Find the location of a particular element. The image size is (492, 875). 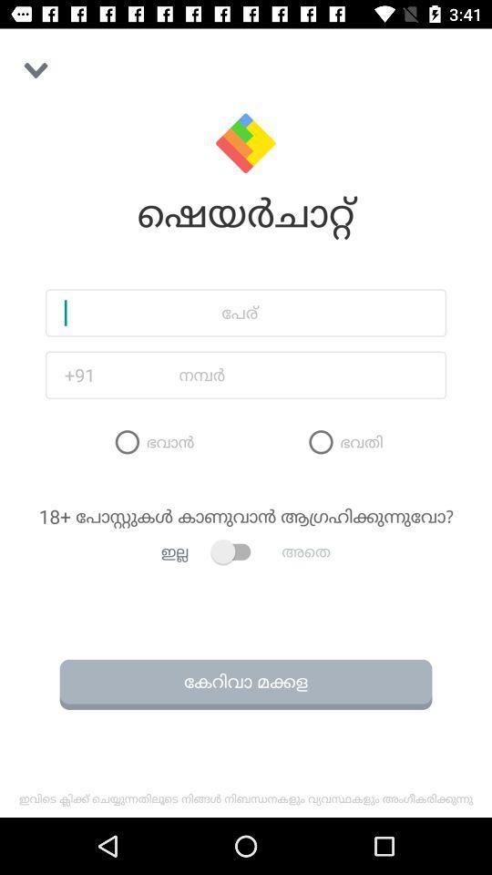

the button on the top left corner of the web page is located at coordinates (36, 70).